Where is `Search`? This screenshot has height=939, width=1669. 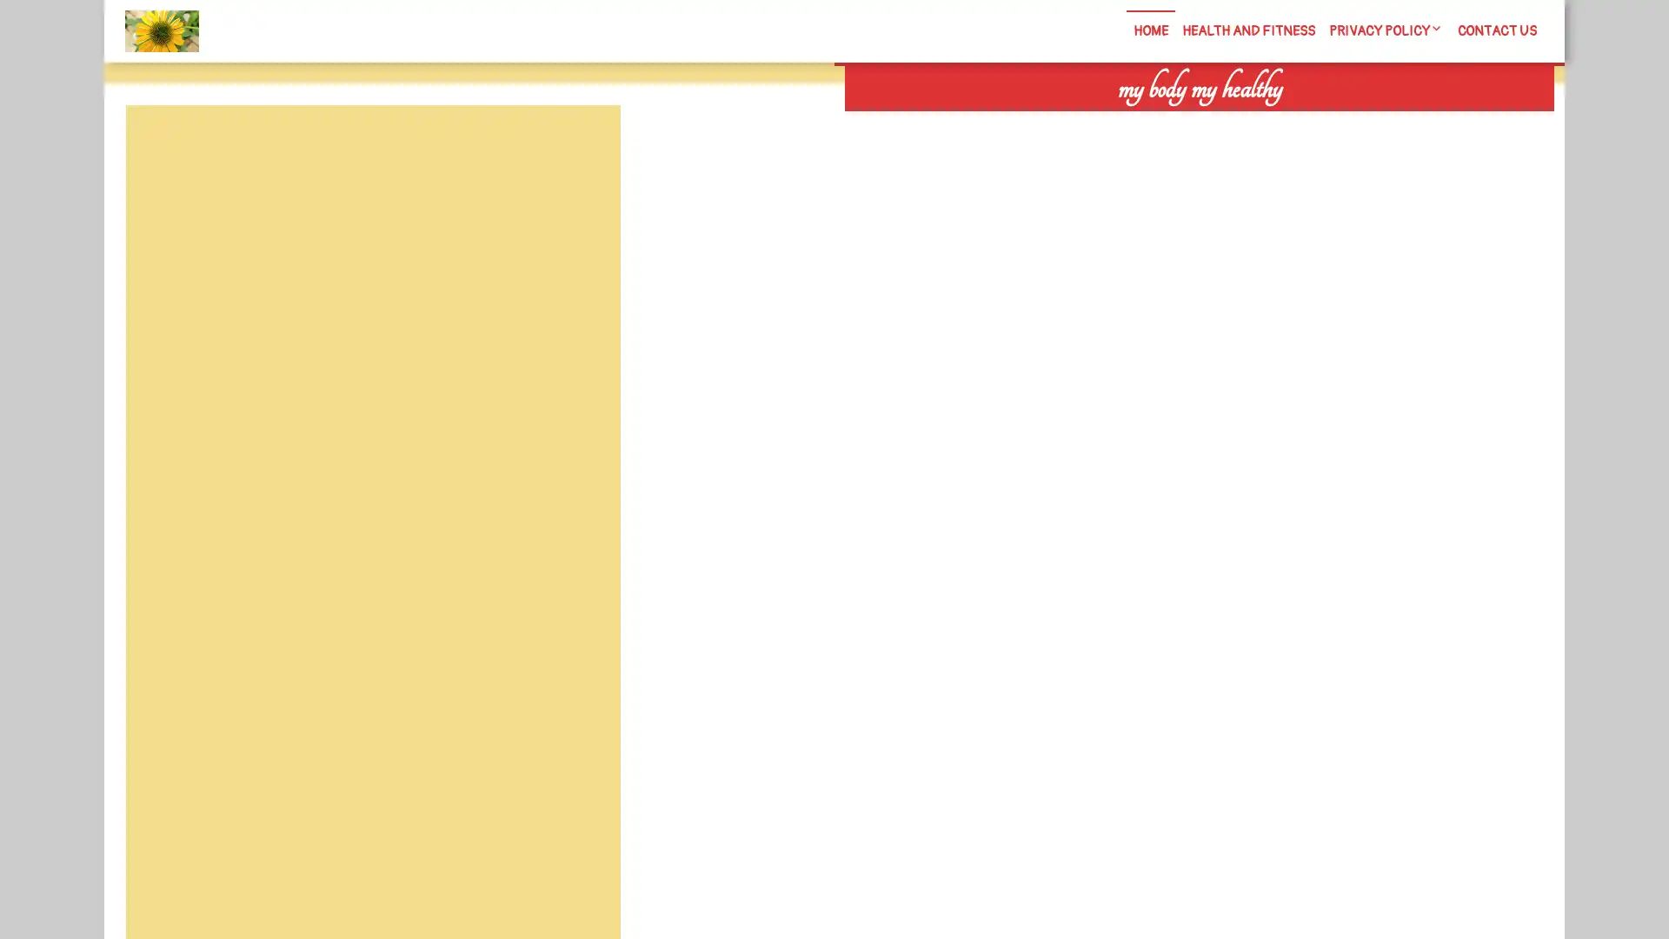
Search is located at coordinates (1353, 122).